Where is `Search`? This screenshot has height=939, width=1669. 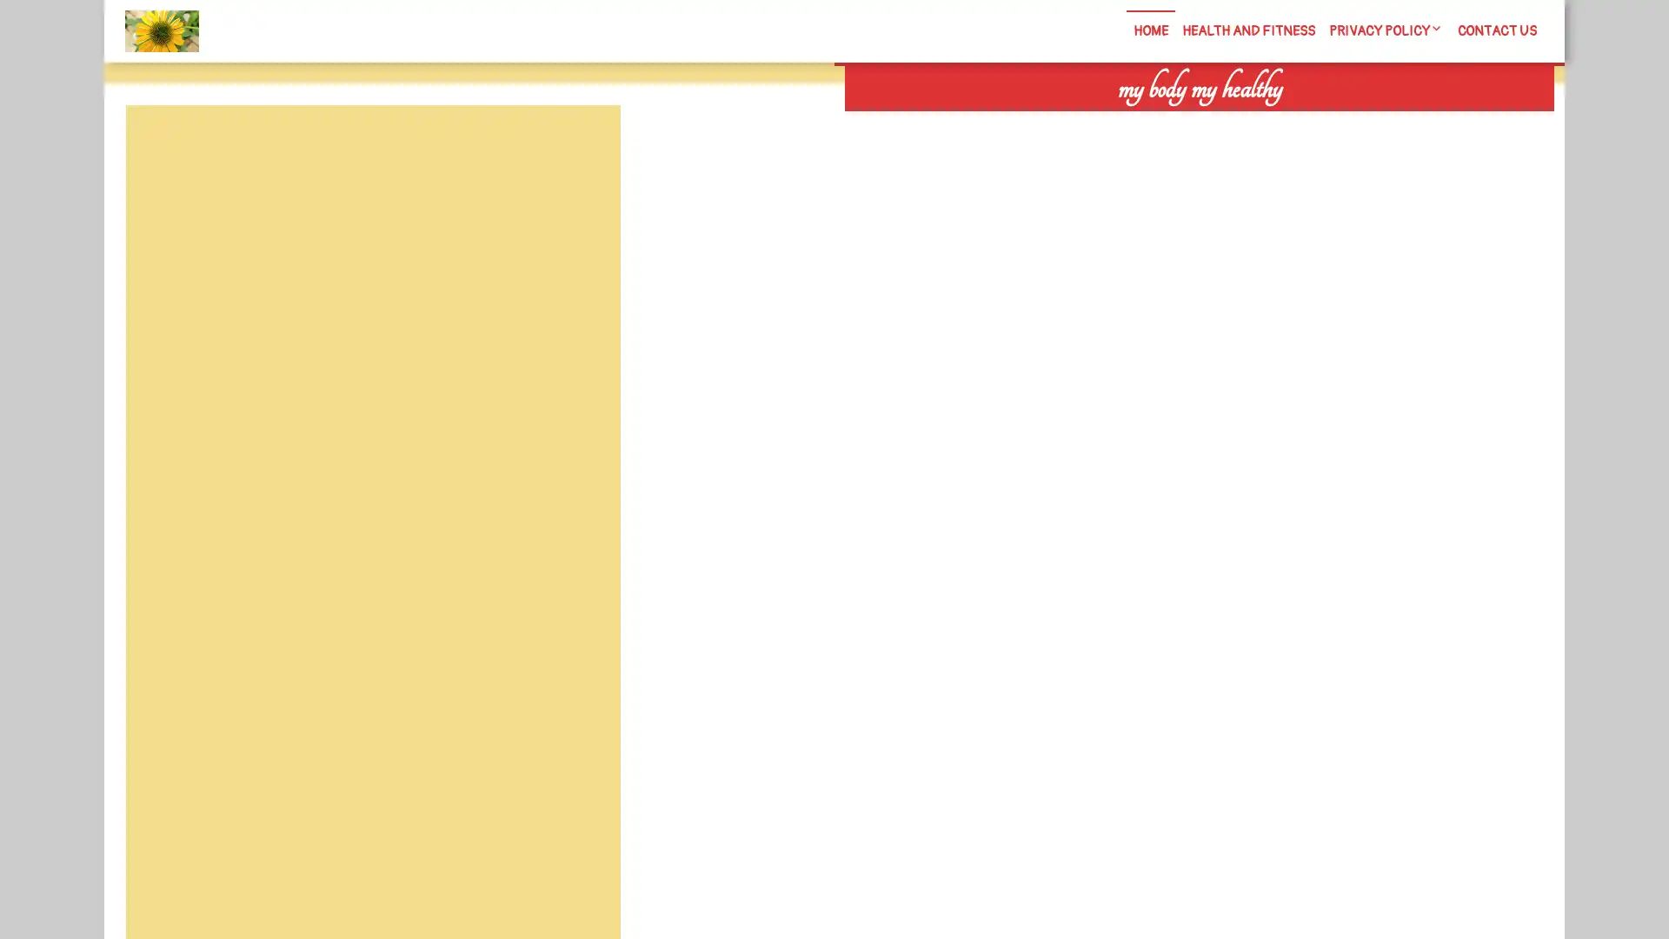
Search is located at coordinates (1353, 122).